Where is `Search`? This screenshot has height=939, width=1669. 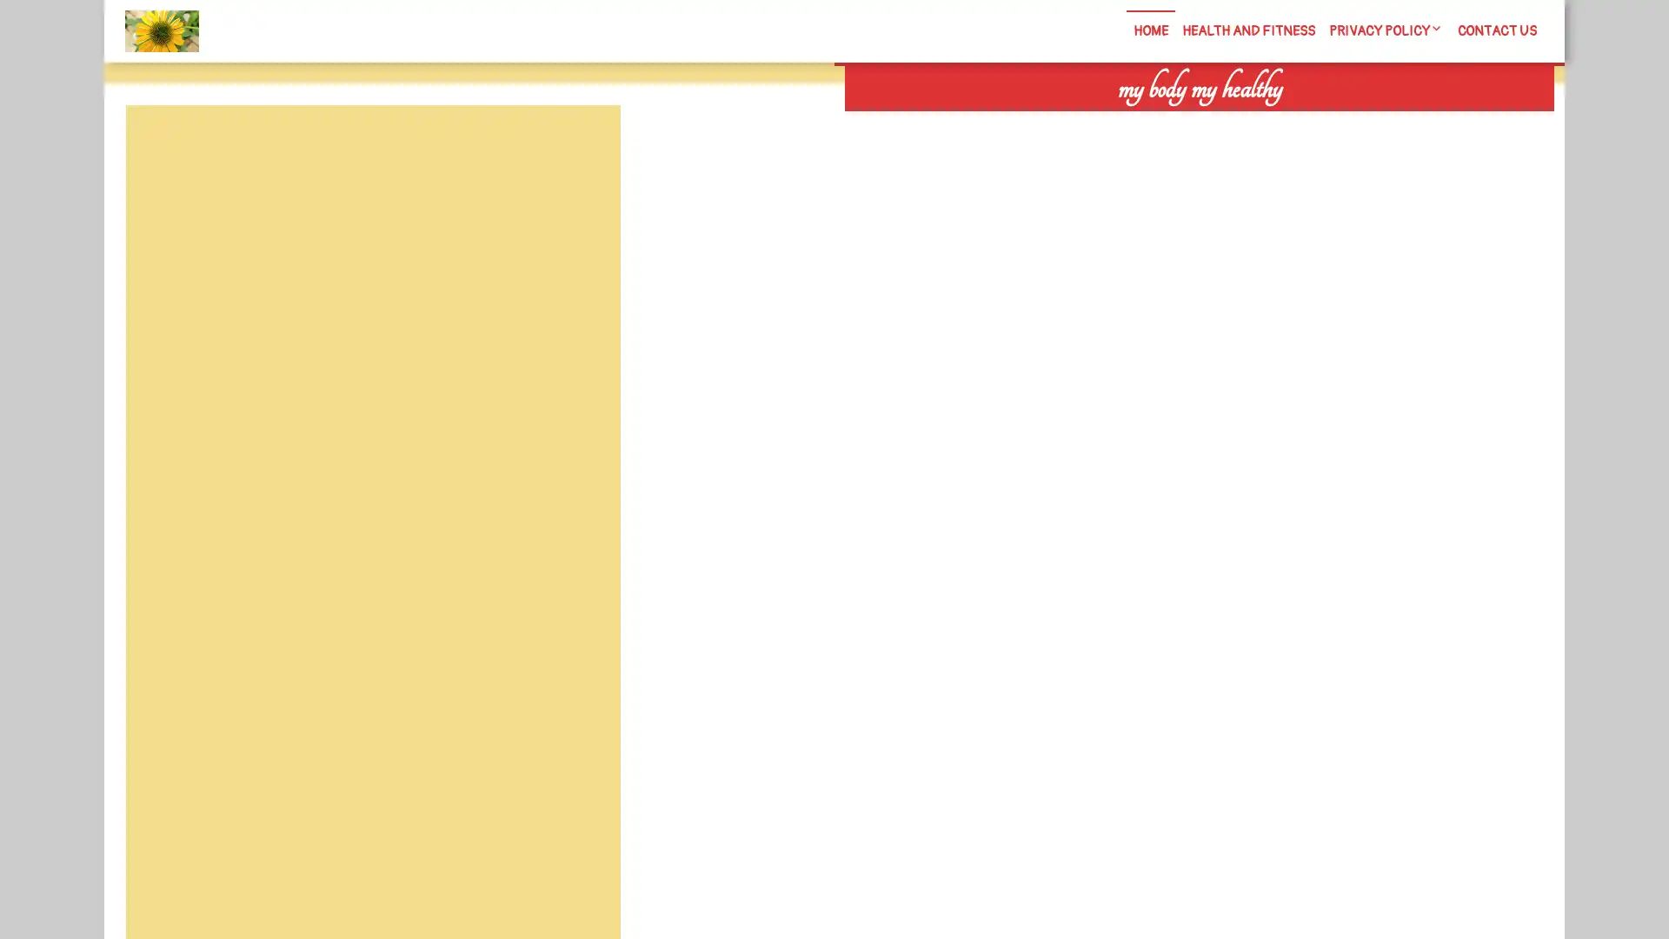
Search is located at coordinates (1353, 122).